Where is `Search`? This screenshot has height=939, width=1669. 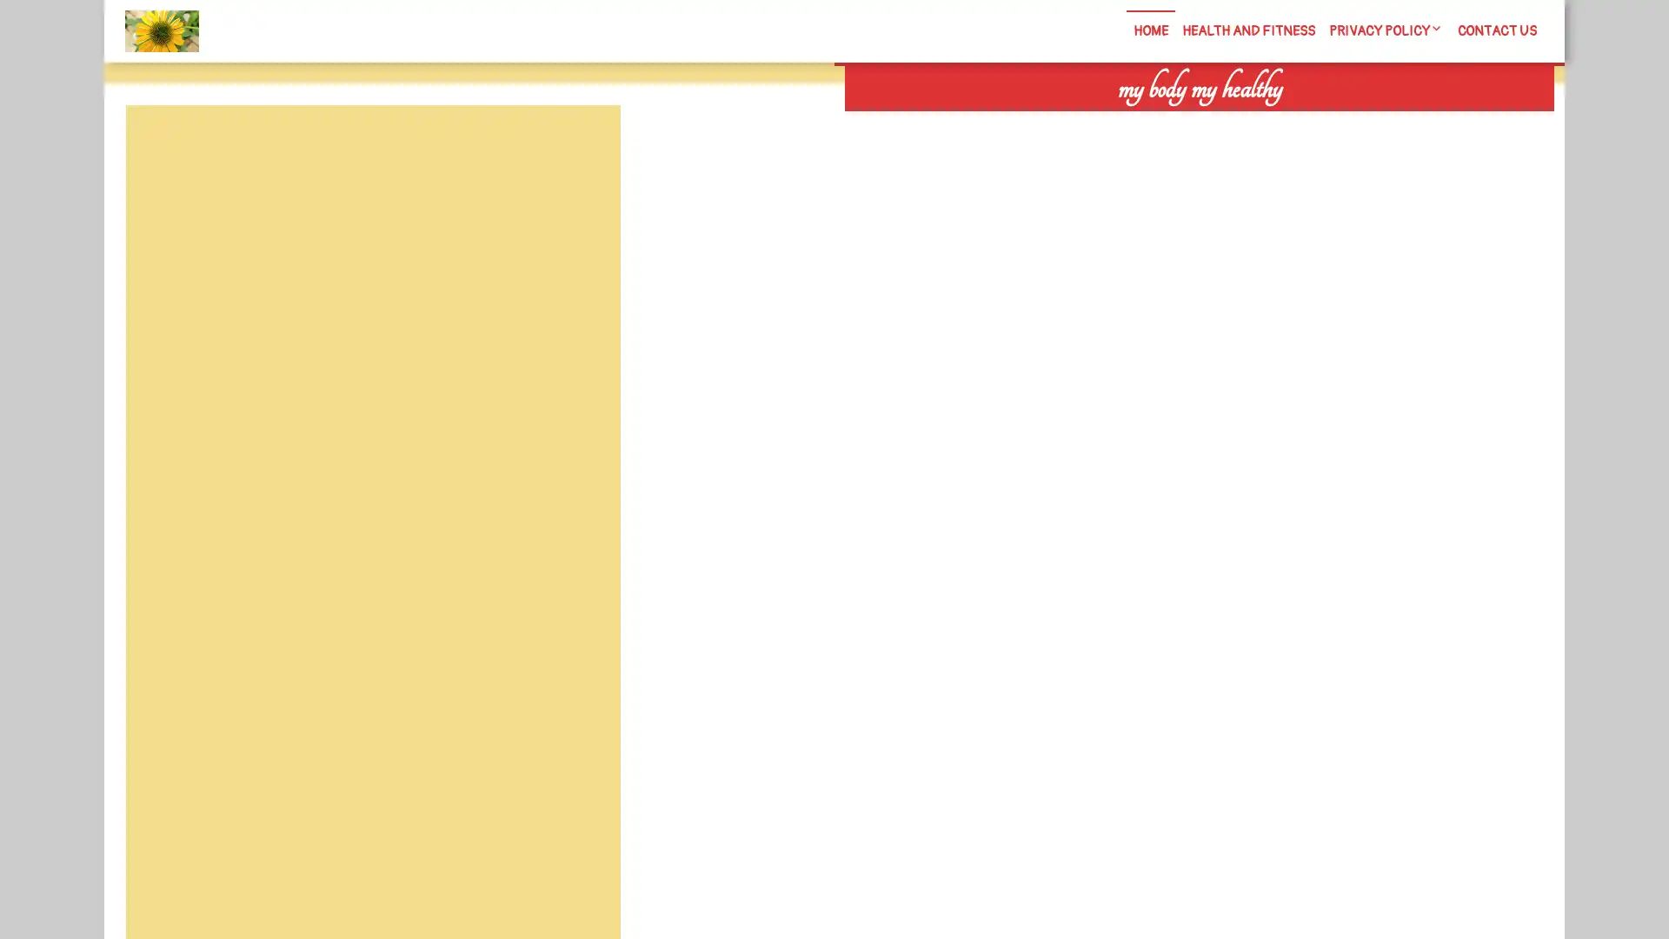
Search is located at coordinates (1353, 122).